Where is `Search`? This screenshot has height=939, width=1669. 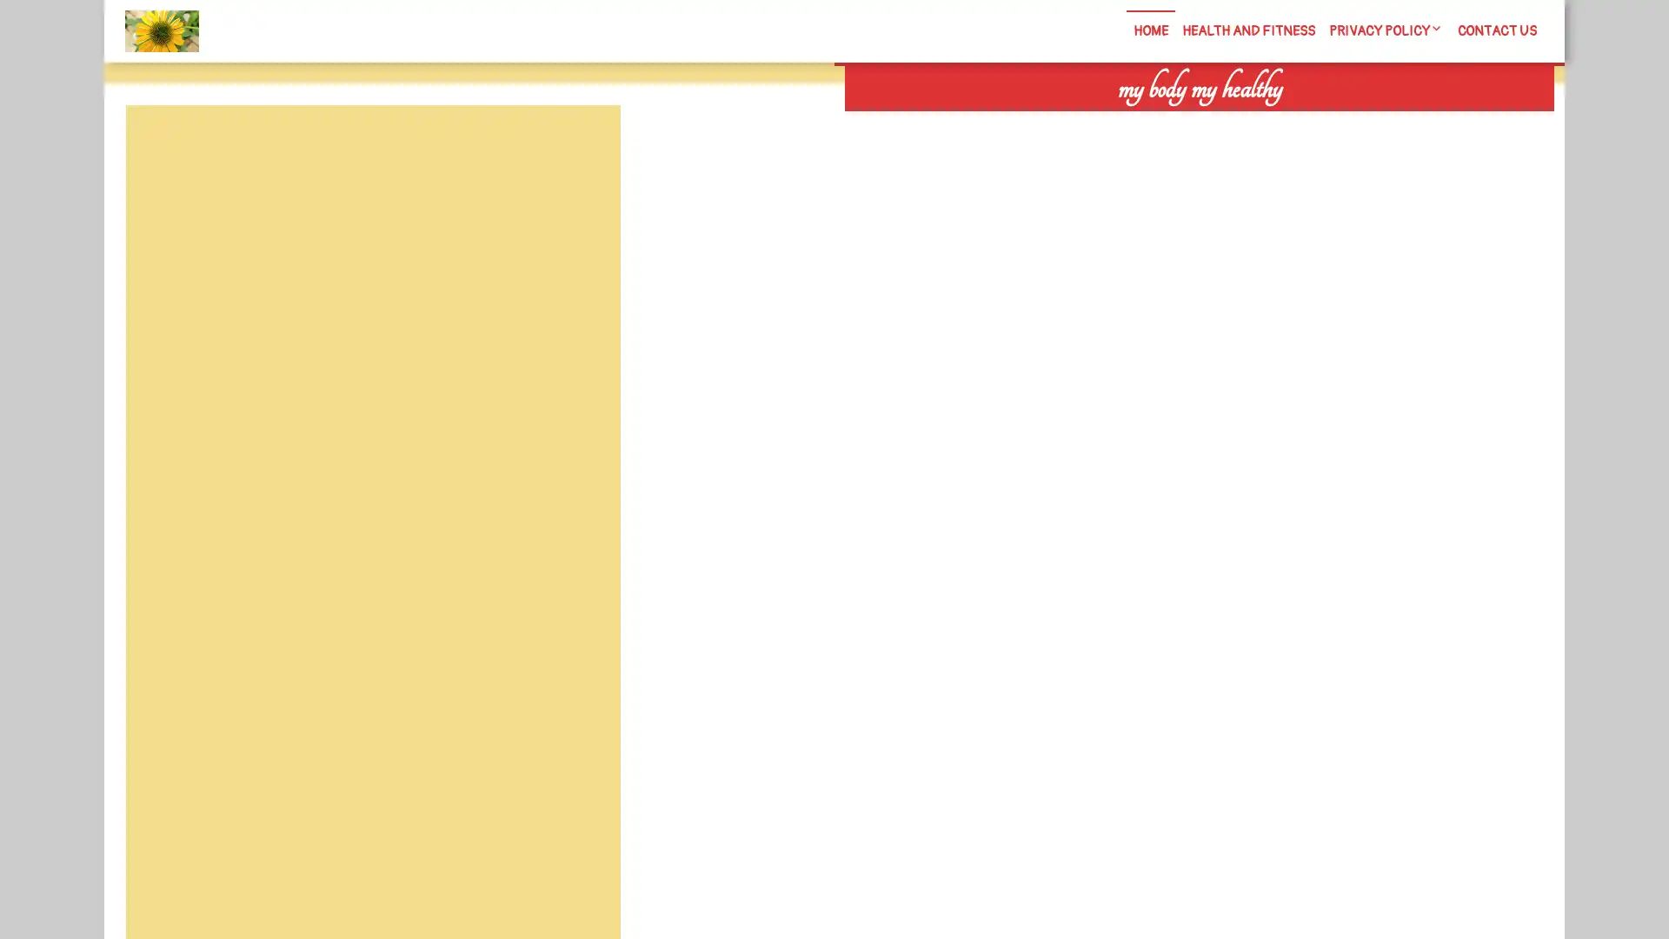
Search is located at coordinates (1353, 122).